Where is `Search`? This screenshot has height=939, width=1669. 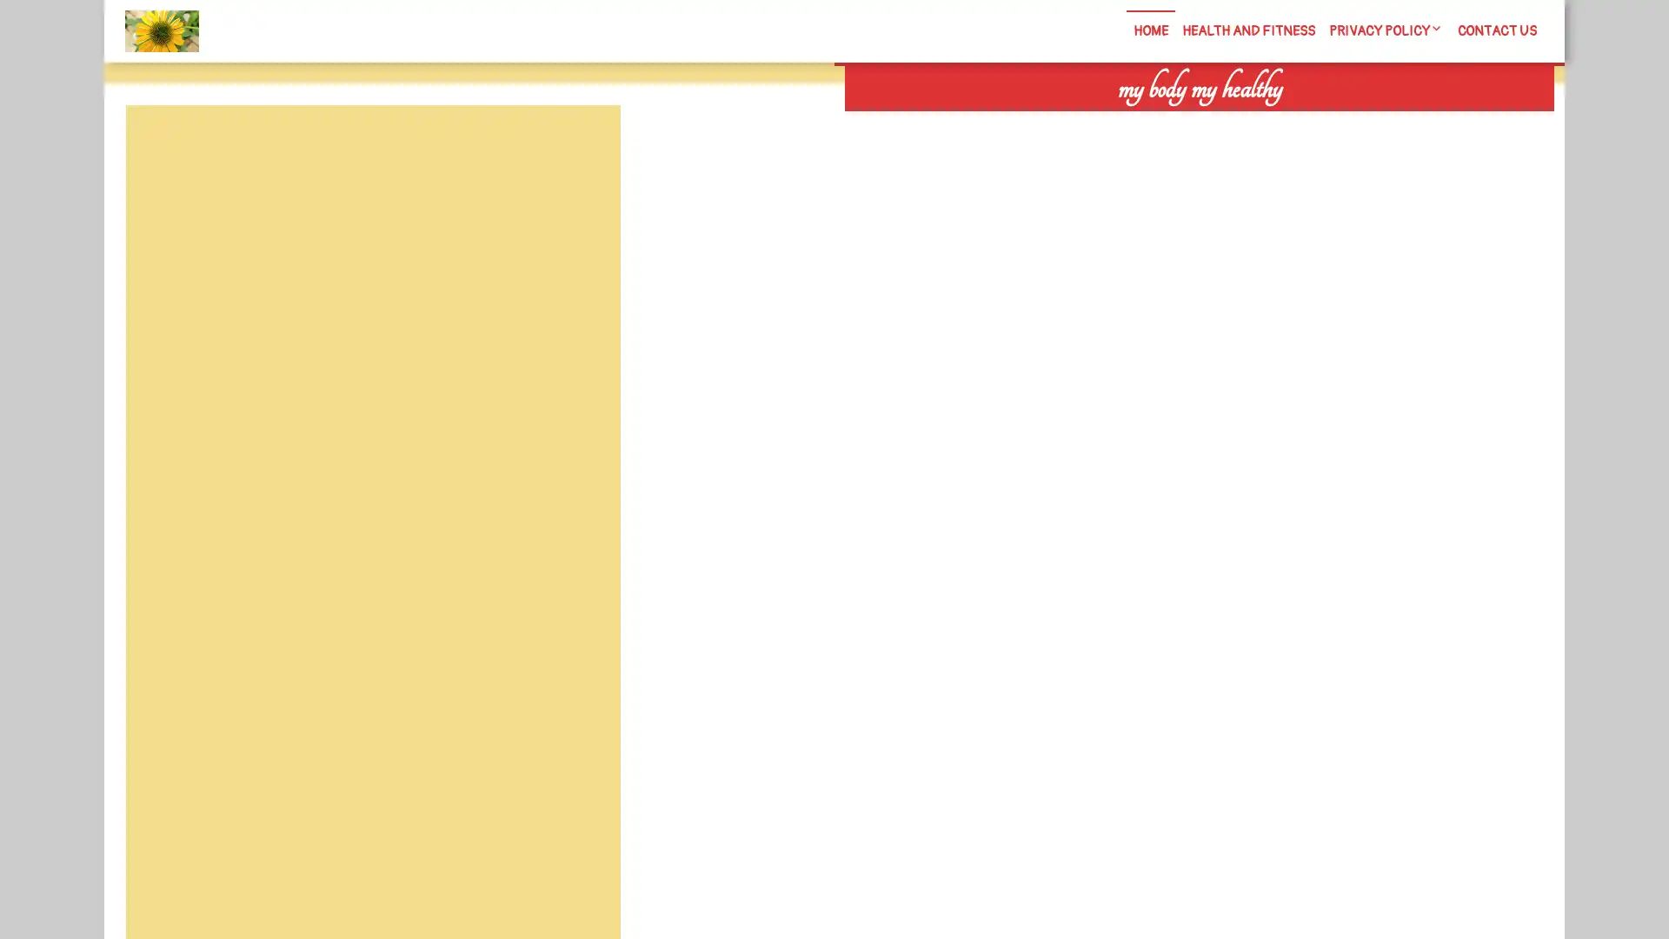
Search is located at coordinates (1353, 122).